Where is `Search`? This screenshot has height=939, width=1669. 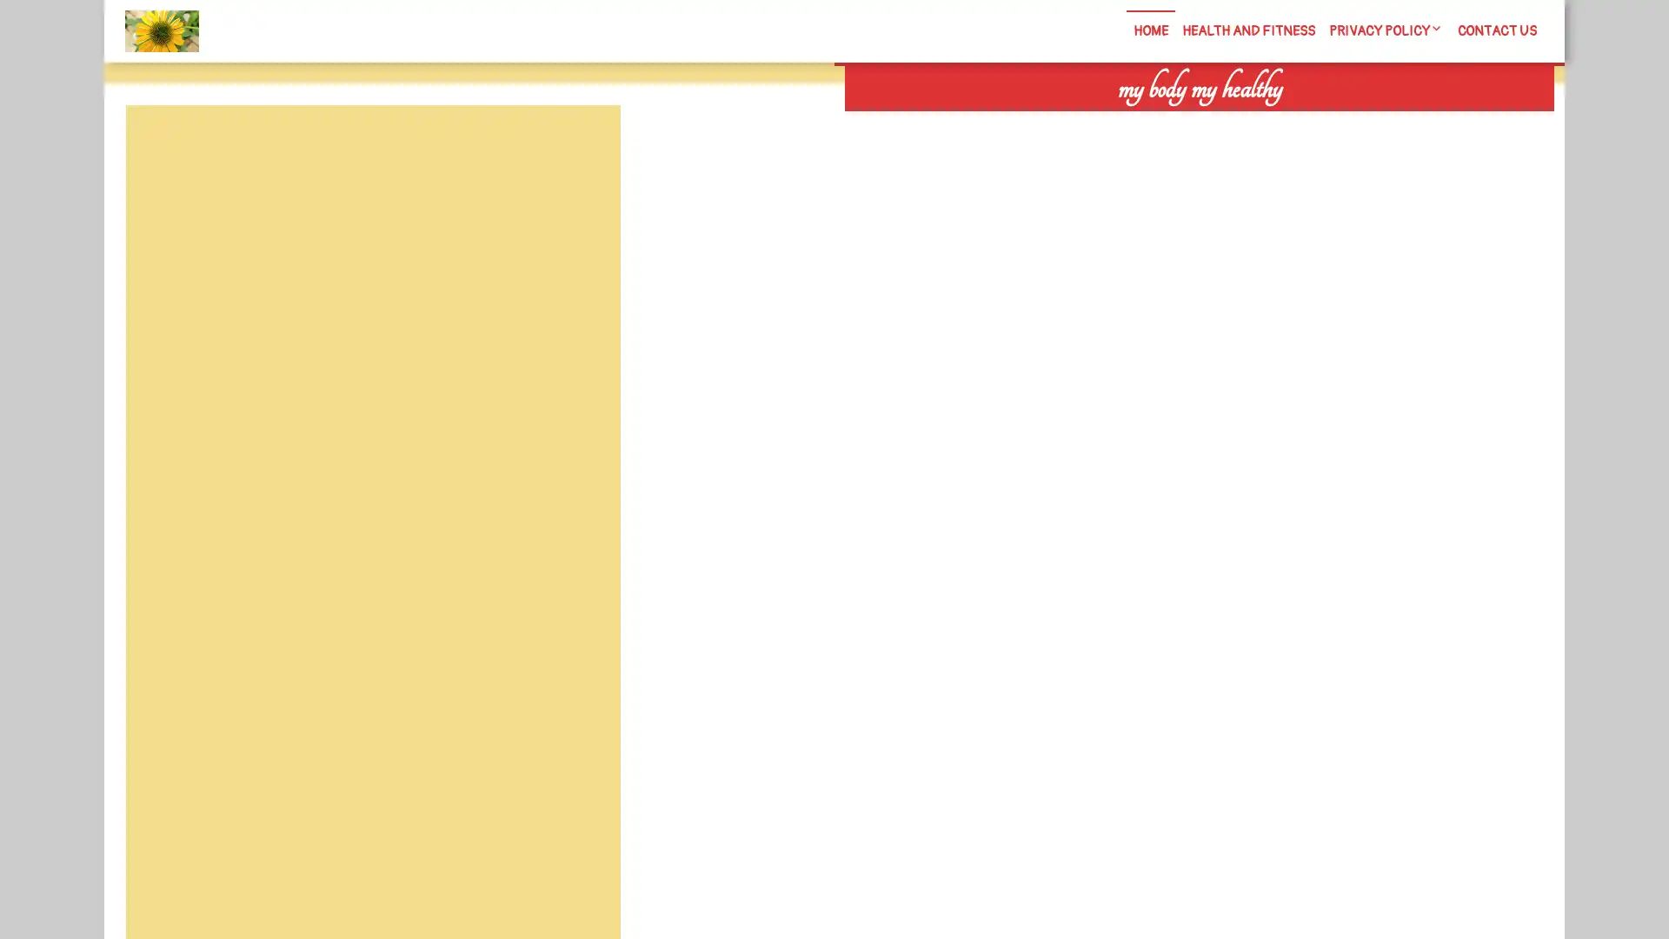
Search is located at coordinates (1353, 122).